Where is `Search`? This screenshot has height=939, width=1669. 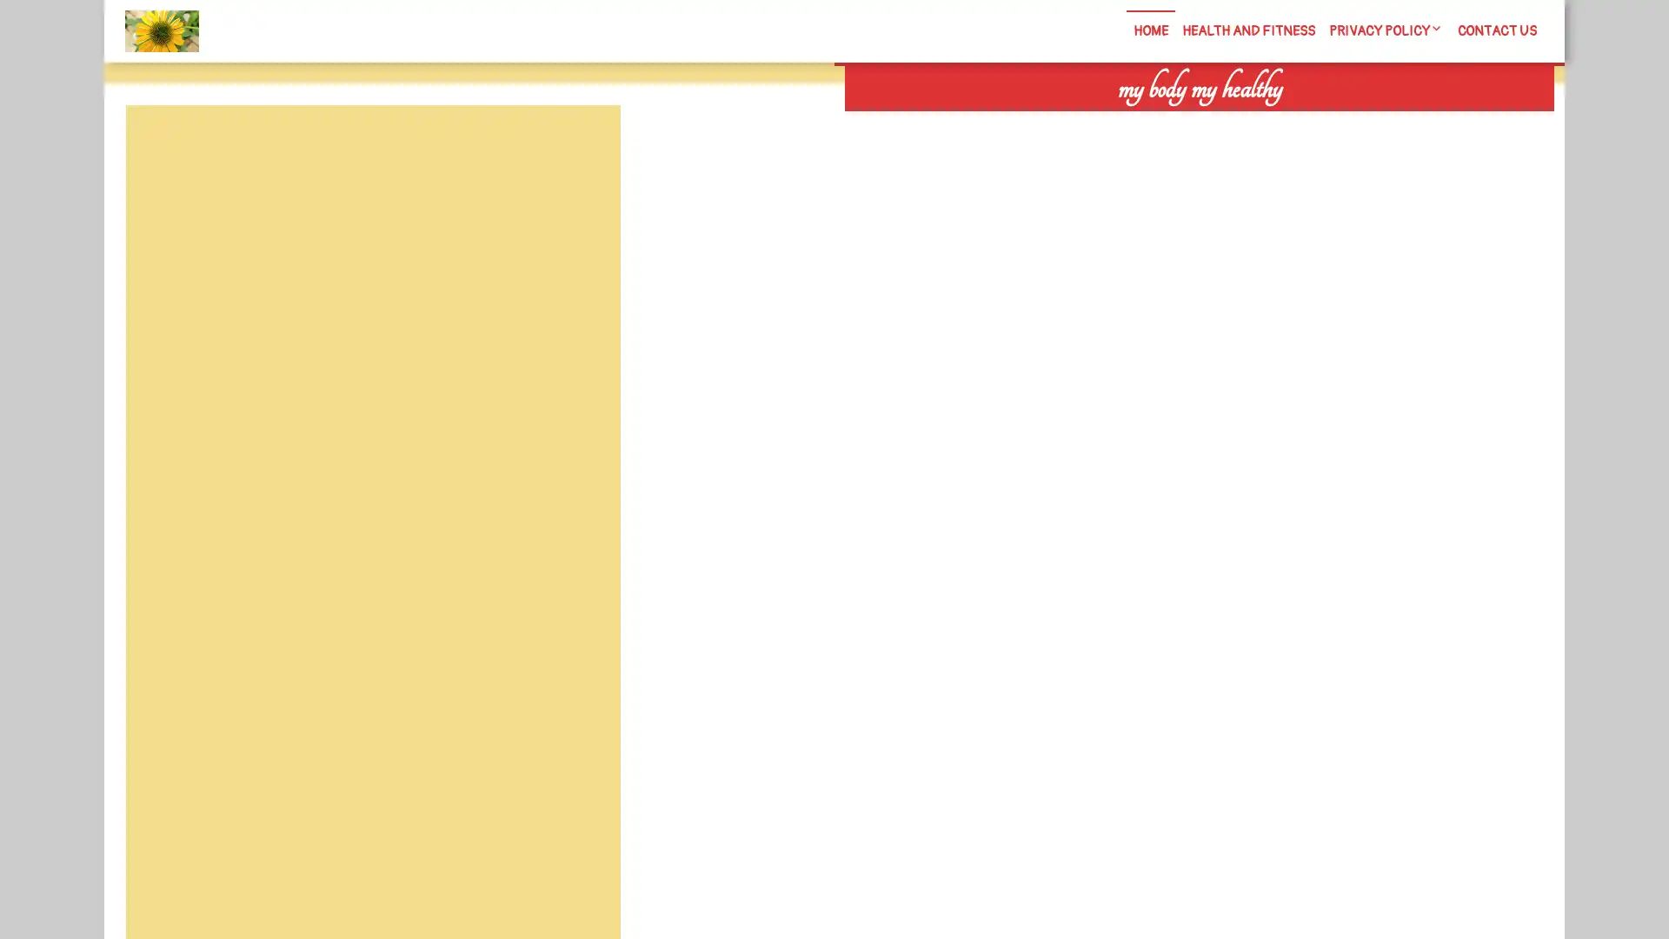
Search is located at coordinates (1353, 122).